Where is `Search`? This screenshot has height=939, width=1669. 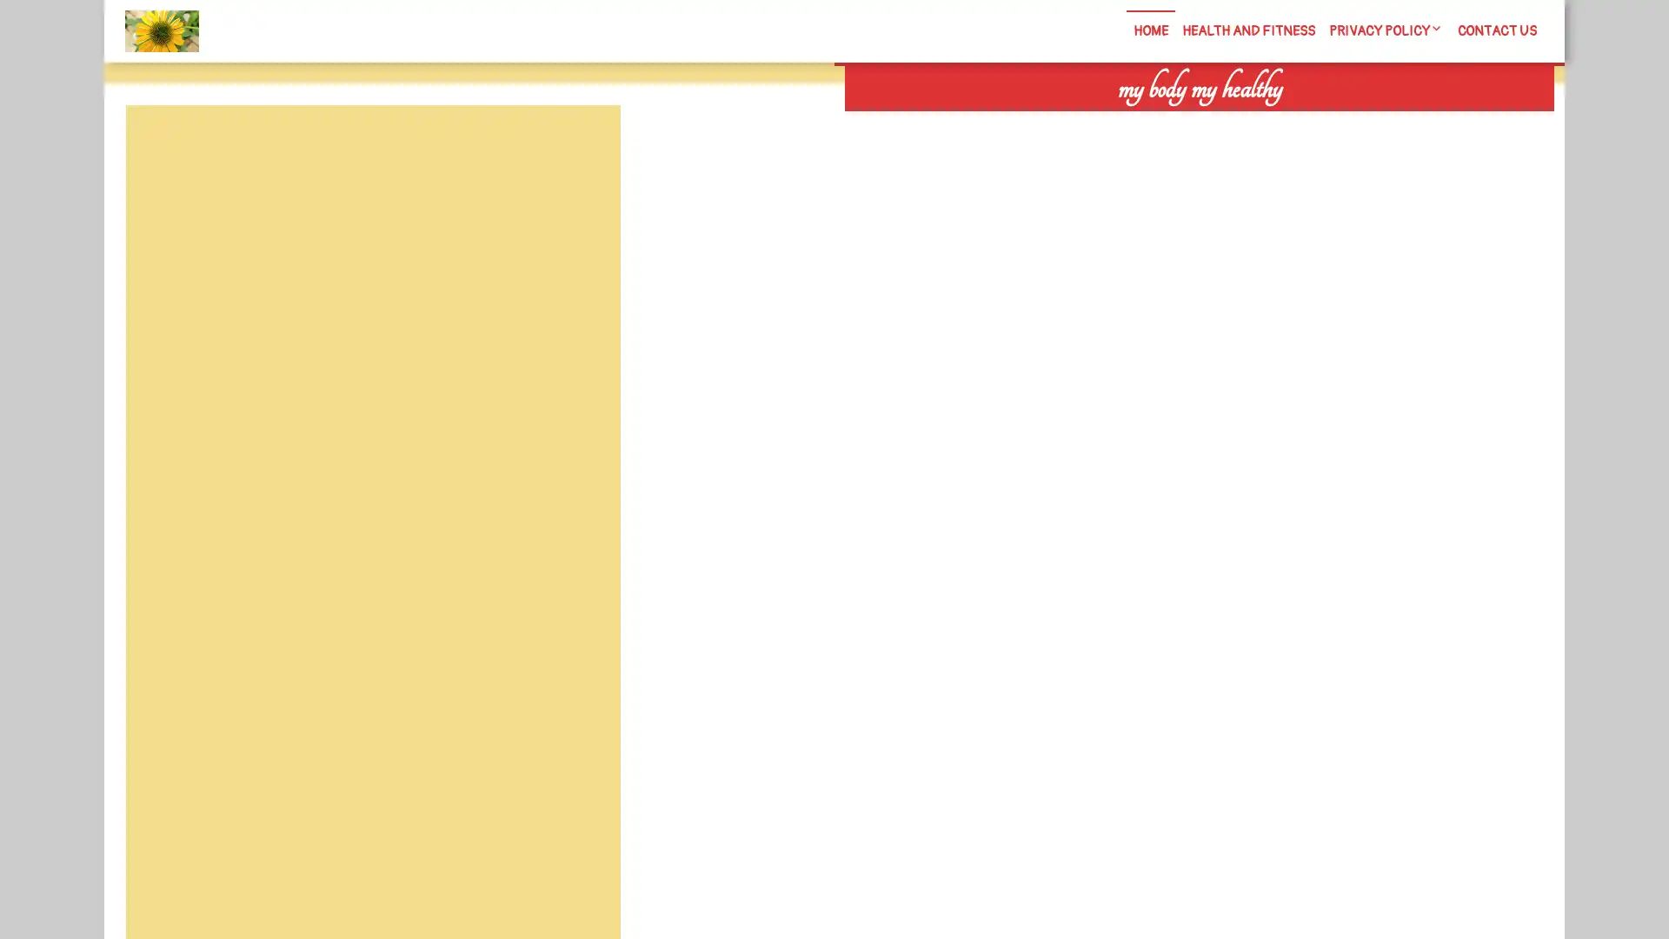
Search is located at coordinates (1353, 122).